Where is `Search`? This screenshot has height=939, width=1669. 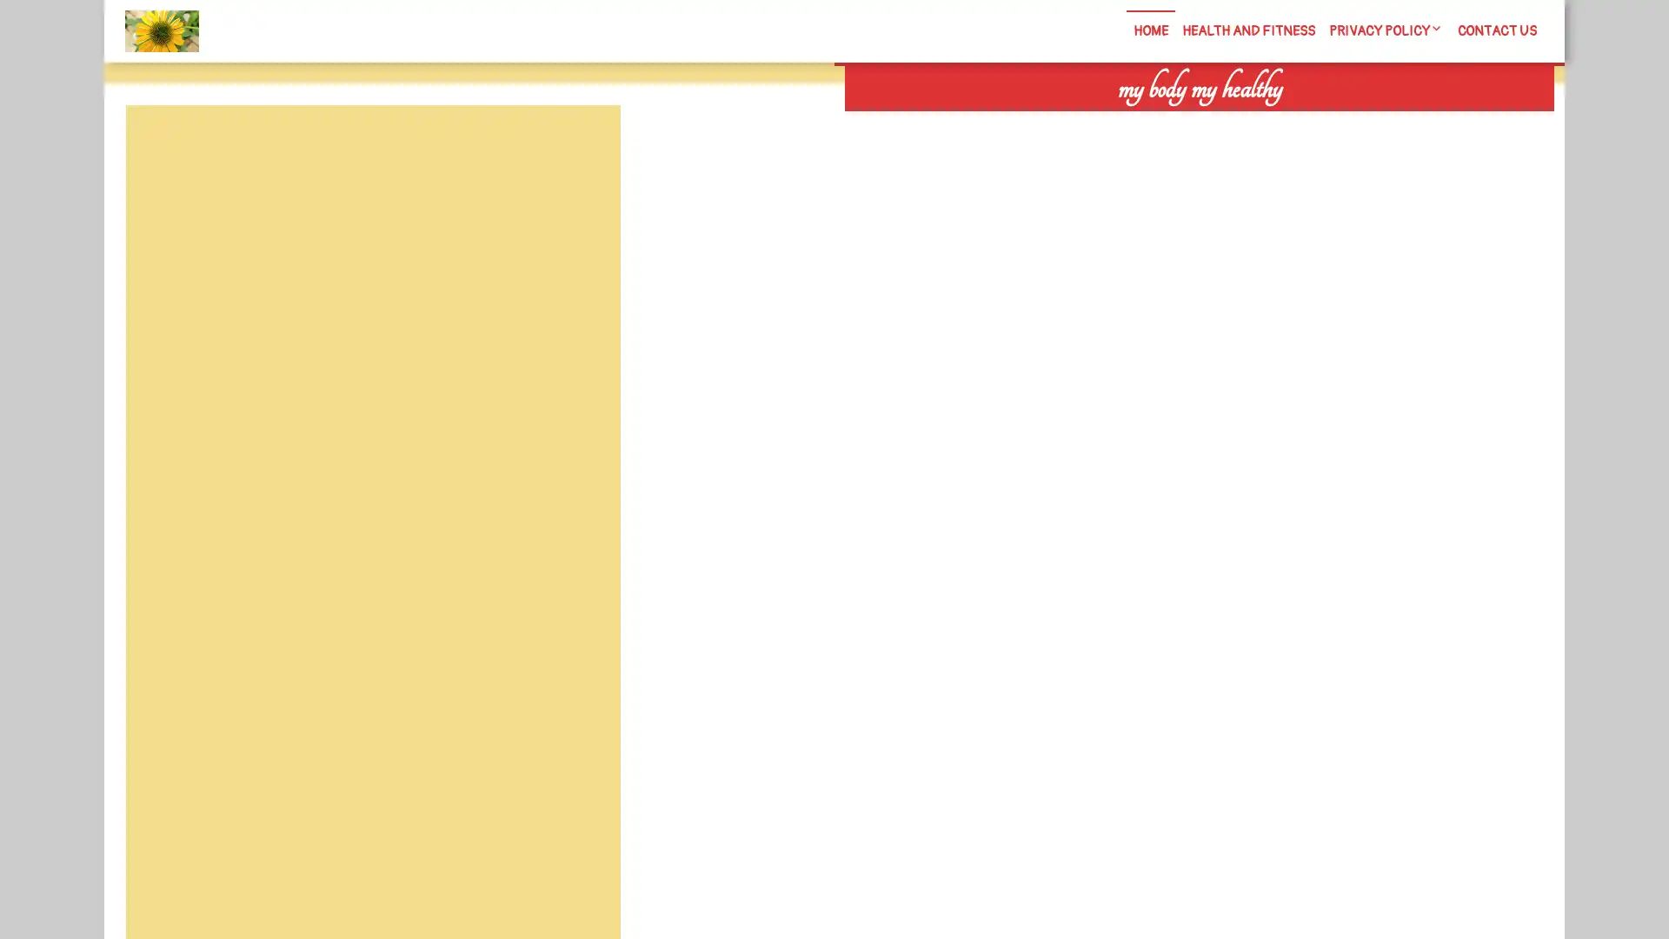
Search is located at coordinates (1353, 122).